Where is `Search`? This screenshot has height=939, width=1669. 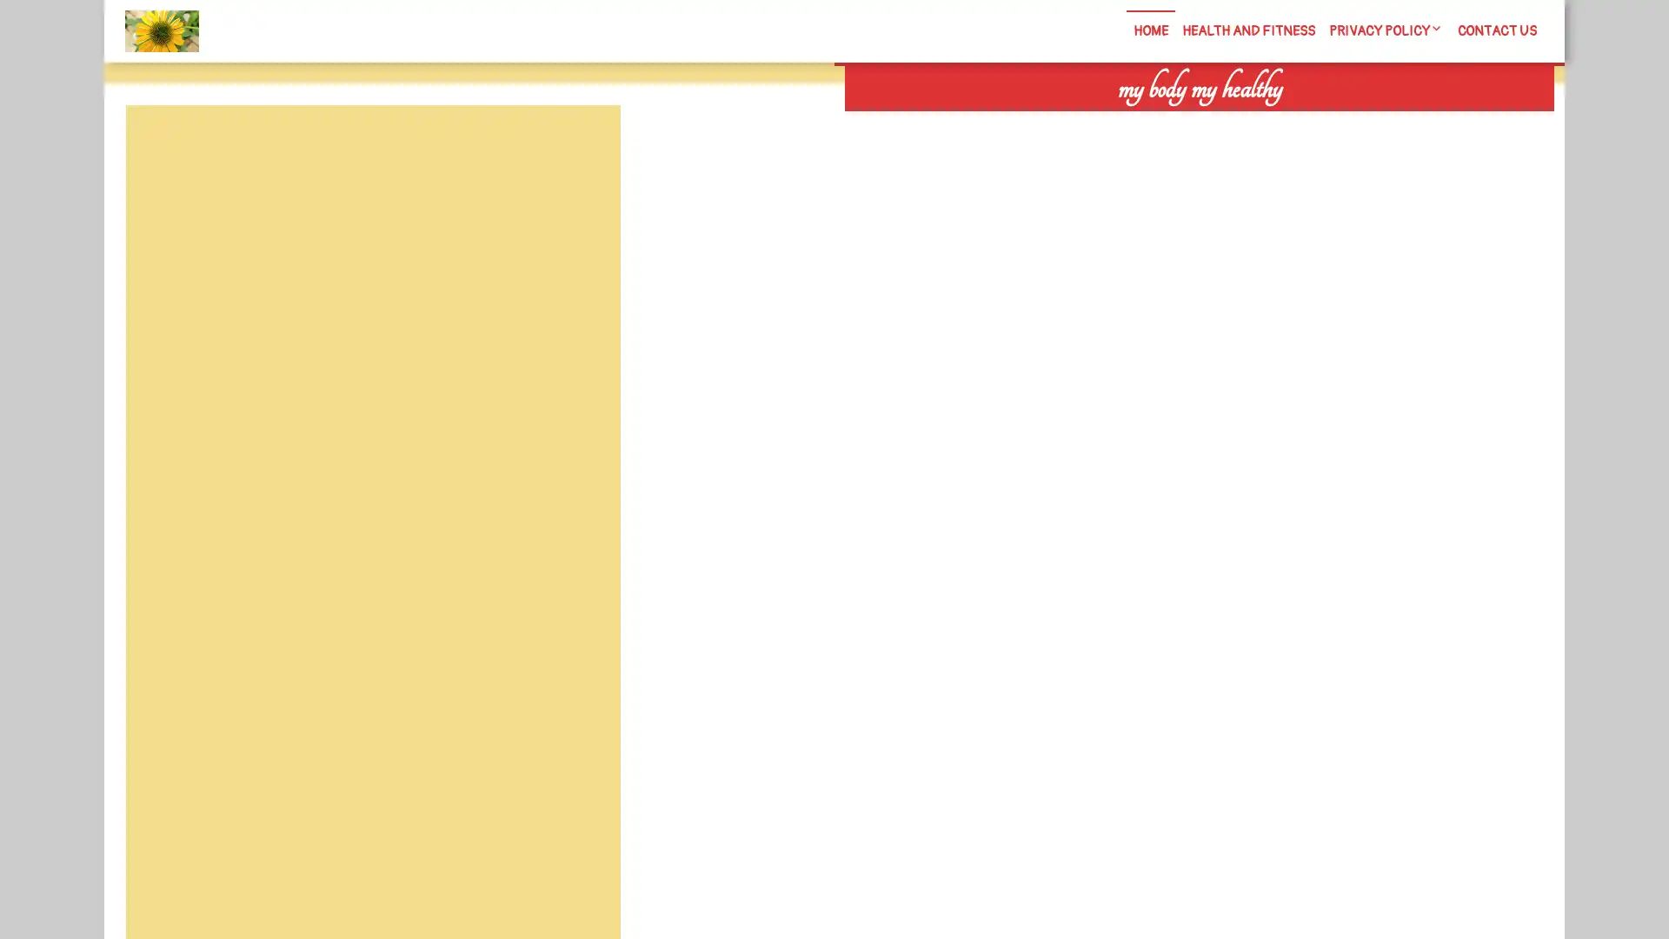
Search is located at coordinates (1353, 122).